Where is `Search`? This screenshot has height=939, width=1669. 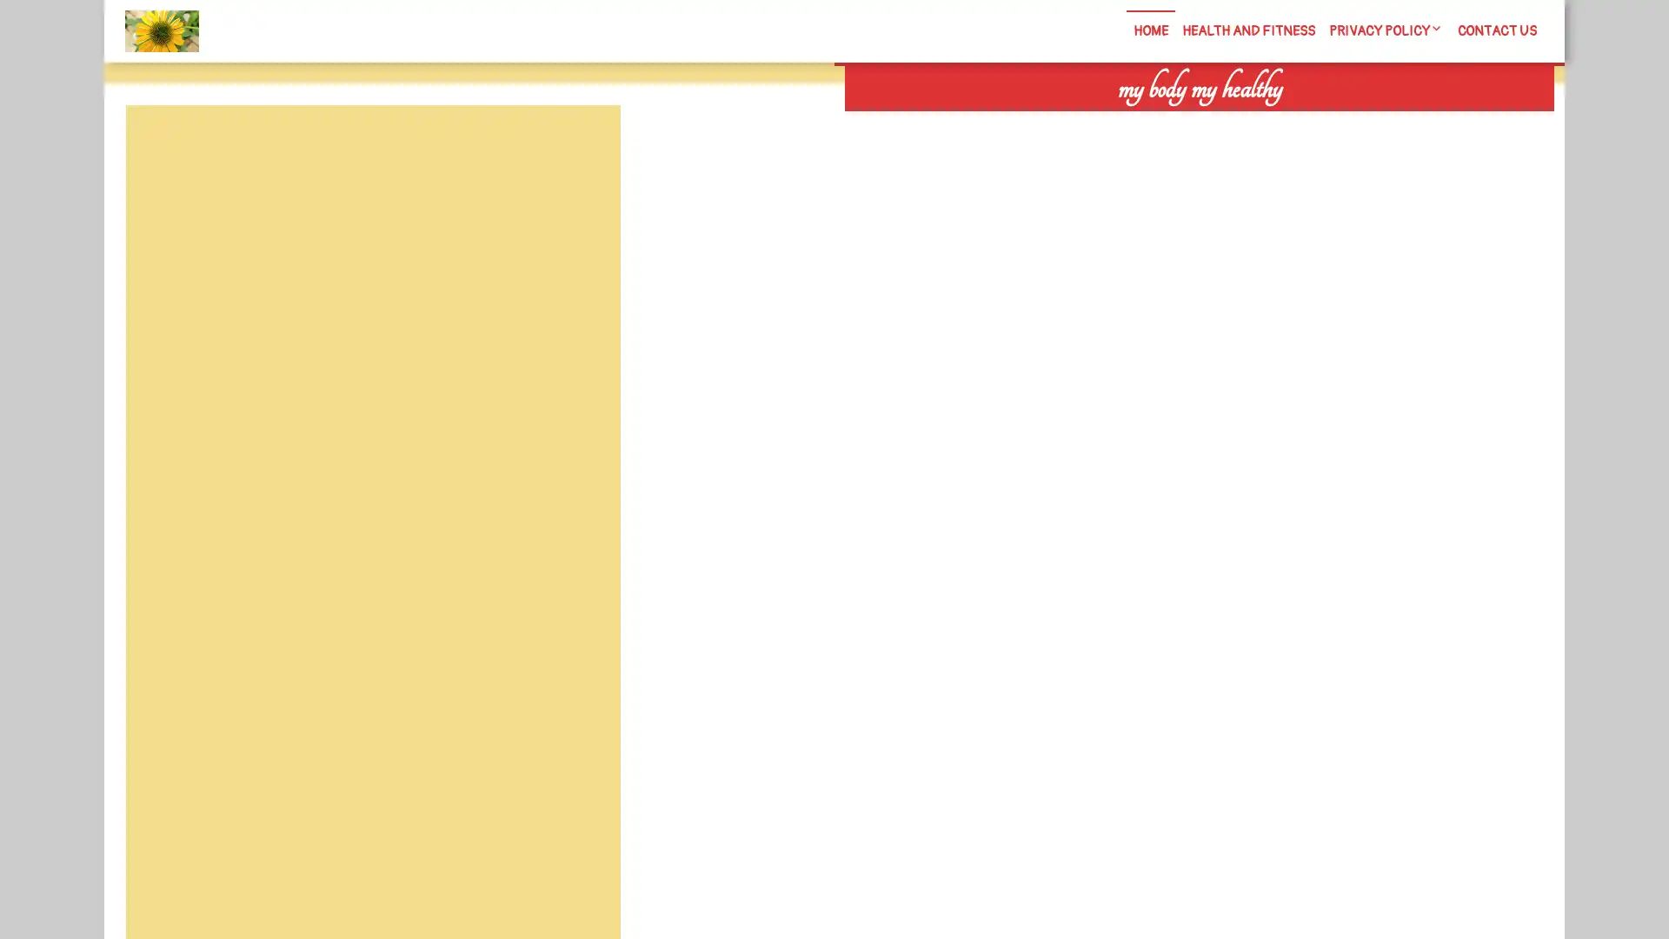
Search is located at coordinates (1353, 122).